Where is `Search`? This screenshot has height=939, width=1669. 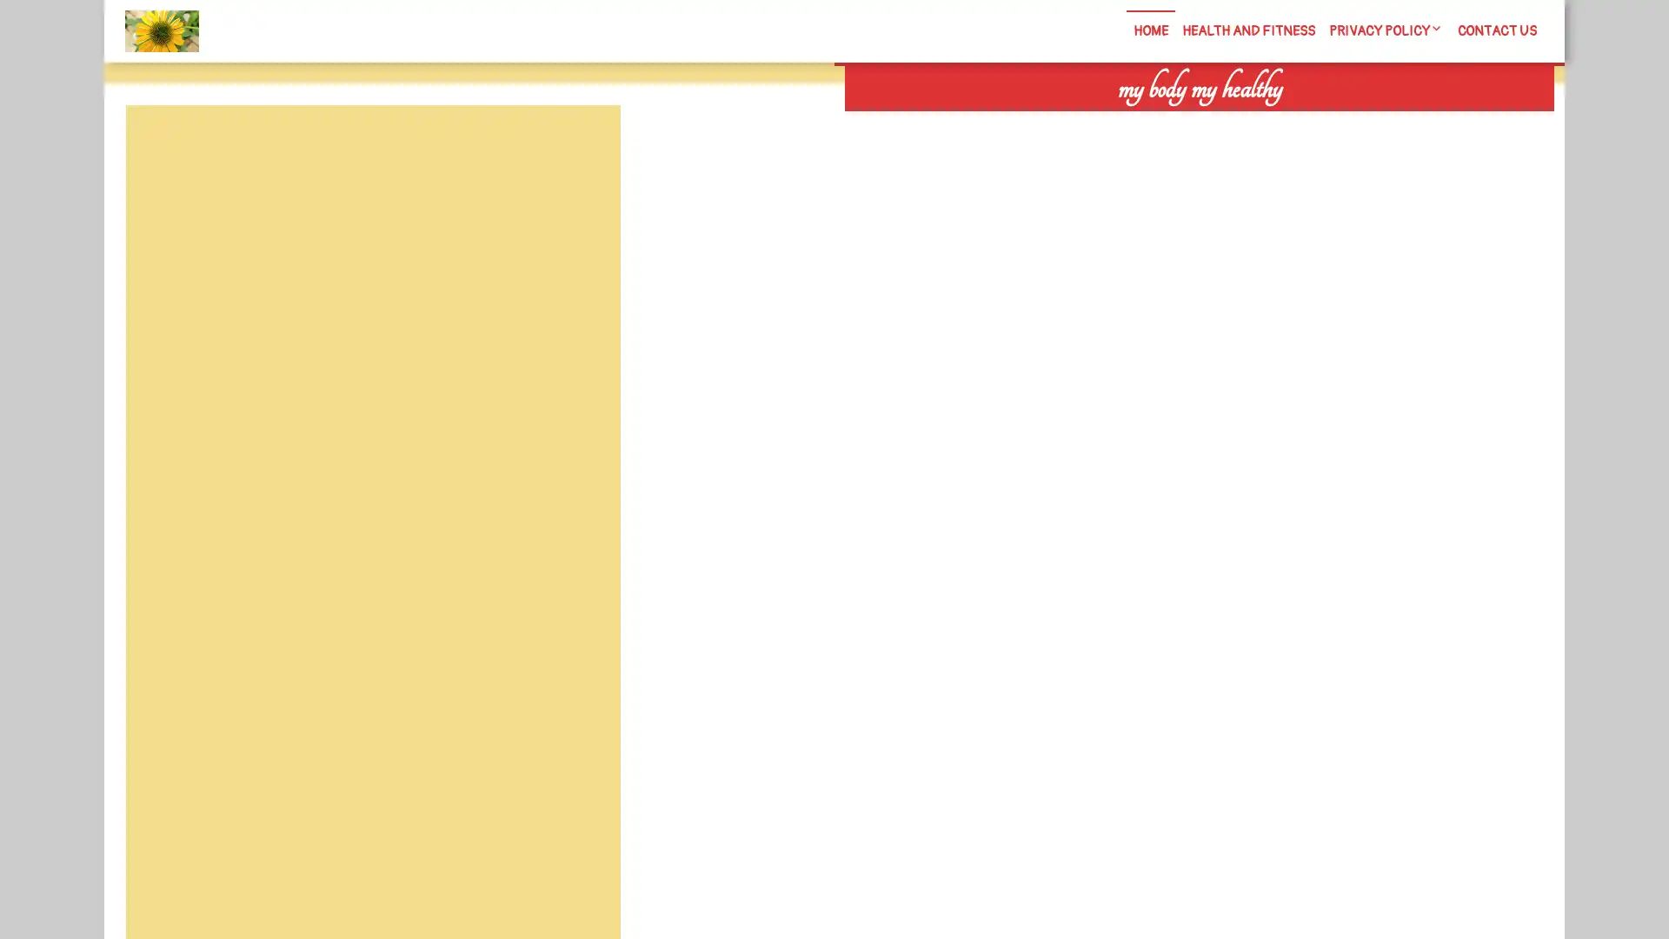
Search is located at coordinates (1353, 122).